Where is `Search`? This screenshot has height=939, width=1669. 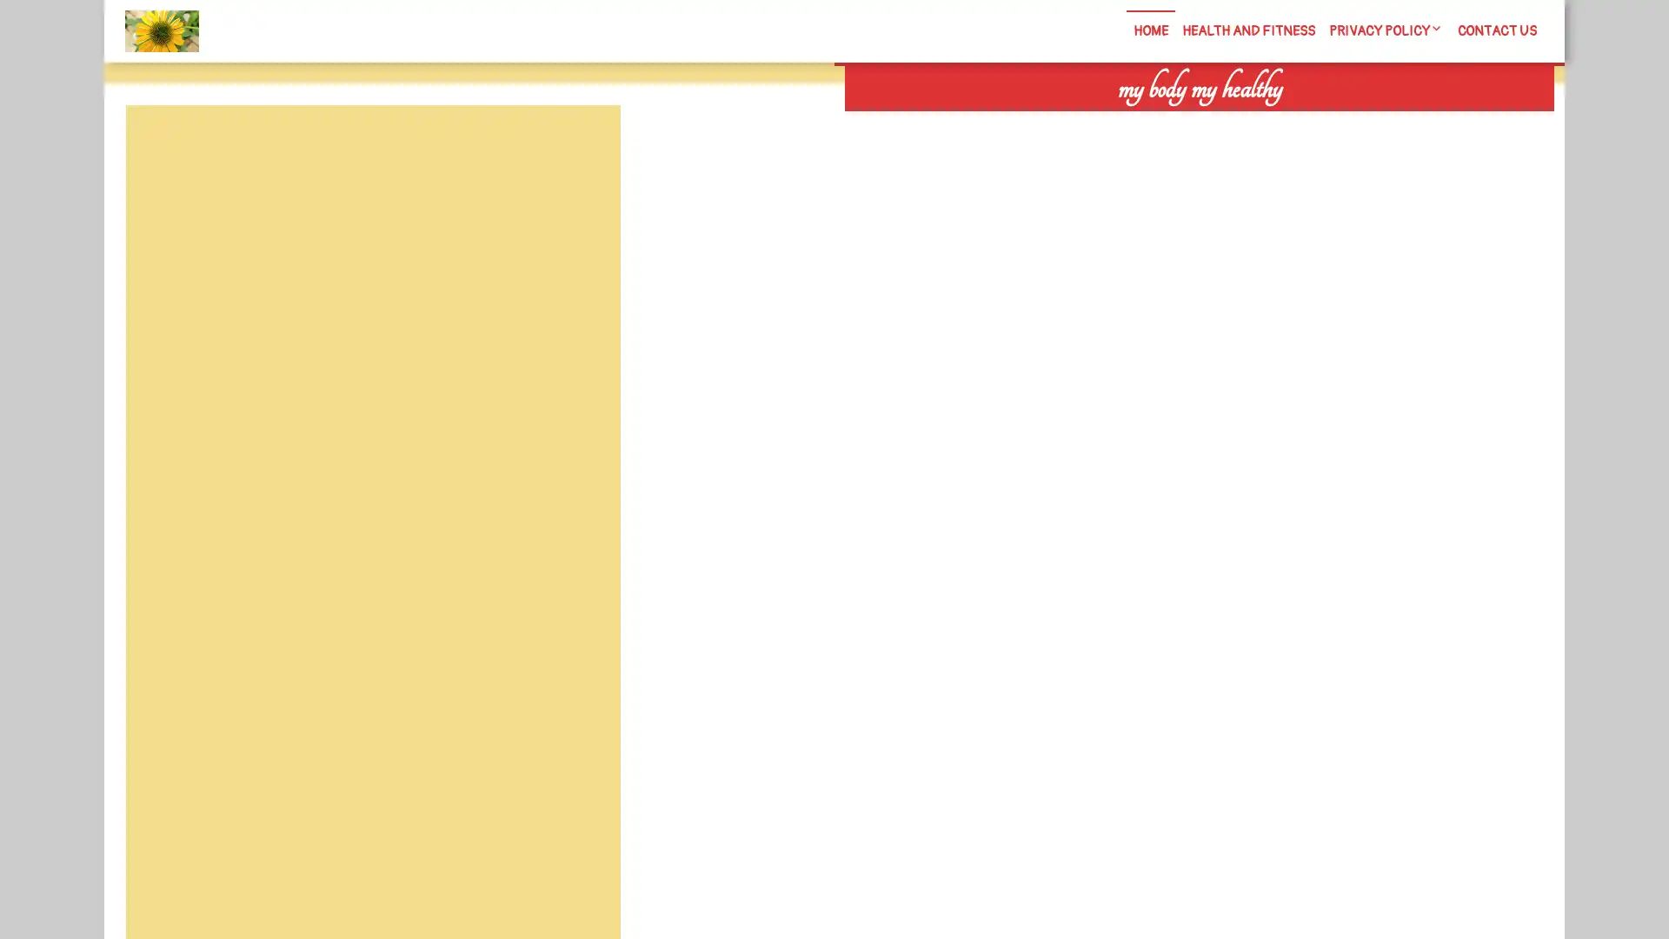
Search is located at coordinates (1353, 122).